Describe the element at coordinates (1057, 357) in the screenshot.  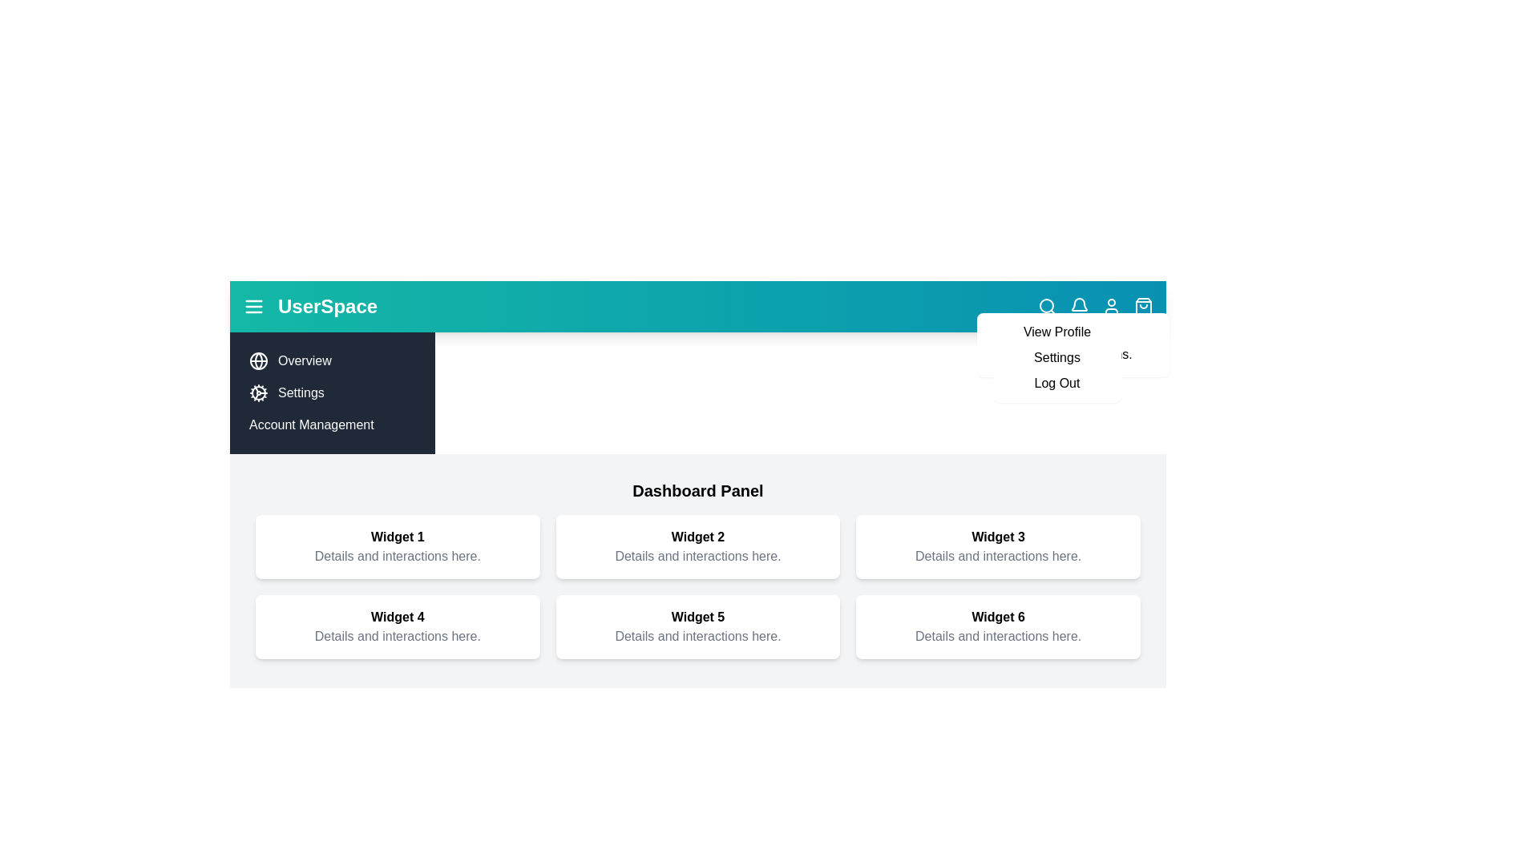
I see `the 'Settings' text item in the dropdown menu` at that location.